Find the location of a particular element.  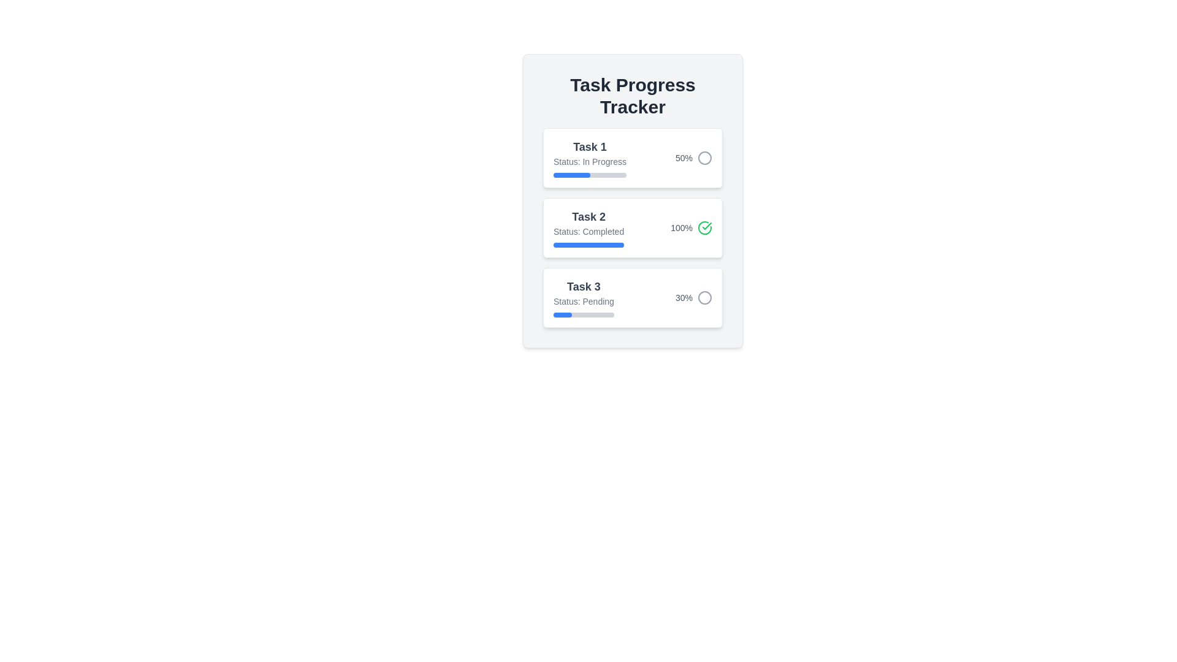

the progress status icon for 'Task 1', which is located in the top-right corner of the row and adjacent to the '50%' completion percentage is located at coordinates (705, 158).